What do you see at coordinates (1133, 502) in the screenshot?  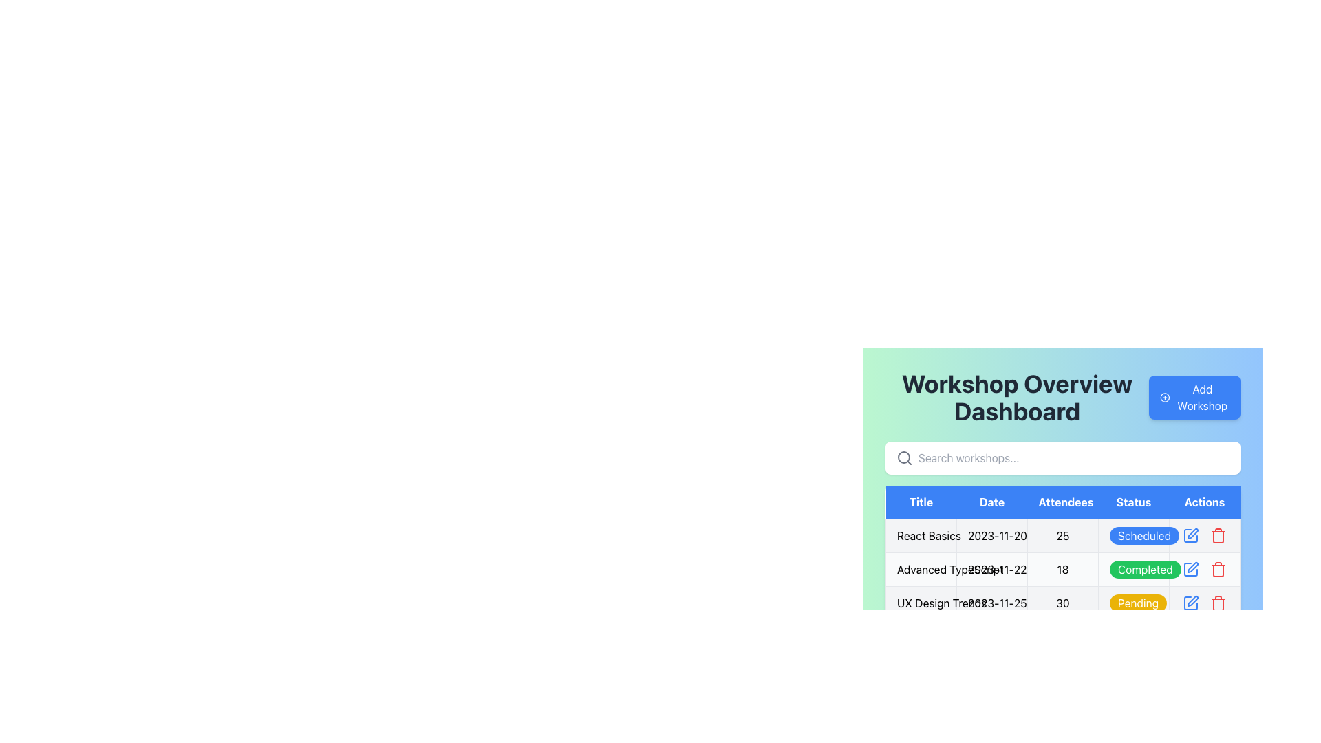 I see `the Header Label that indicates status data in the data table, positioned as the fourth element in the horizontal row of five headers: 'Title', 'Date', 'Attendees', and 'Actions'` at bounding box center [1133, 502].